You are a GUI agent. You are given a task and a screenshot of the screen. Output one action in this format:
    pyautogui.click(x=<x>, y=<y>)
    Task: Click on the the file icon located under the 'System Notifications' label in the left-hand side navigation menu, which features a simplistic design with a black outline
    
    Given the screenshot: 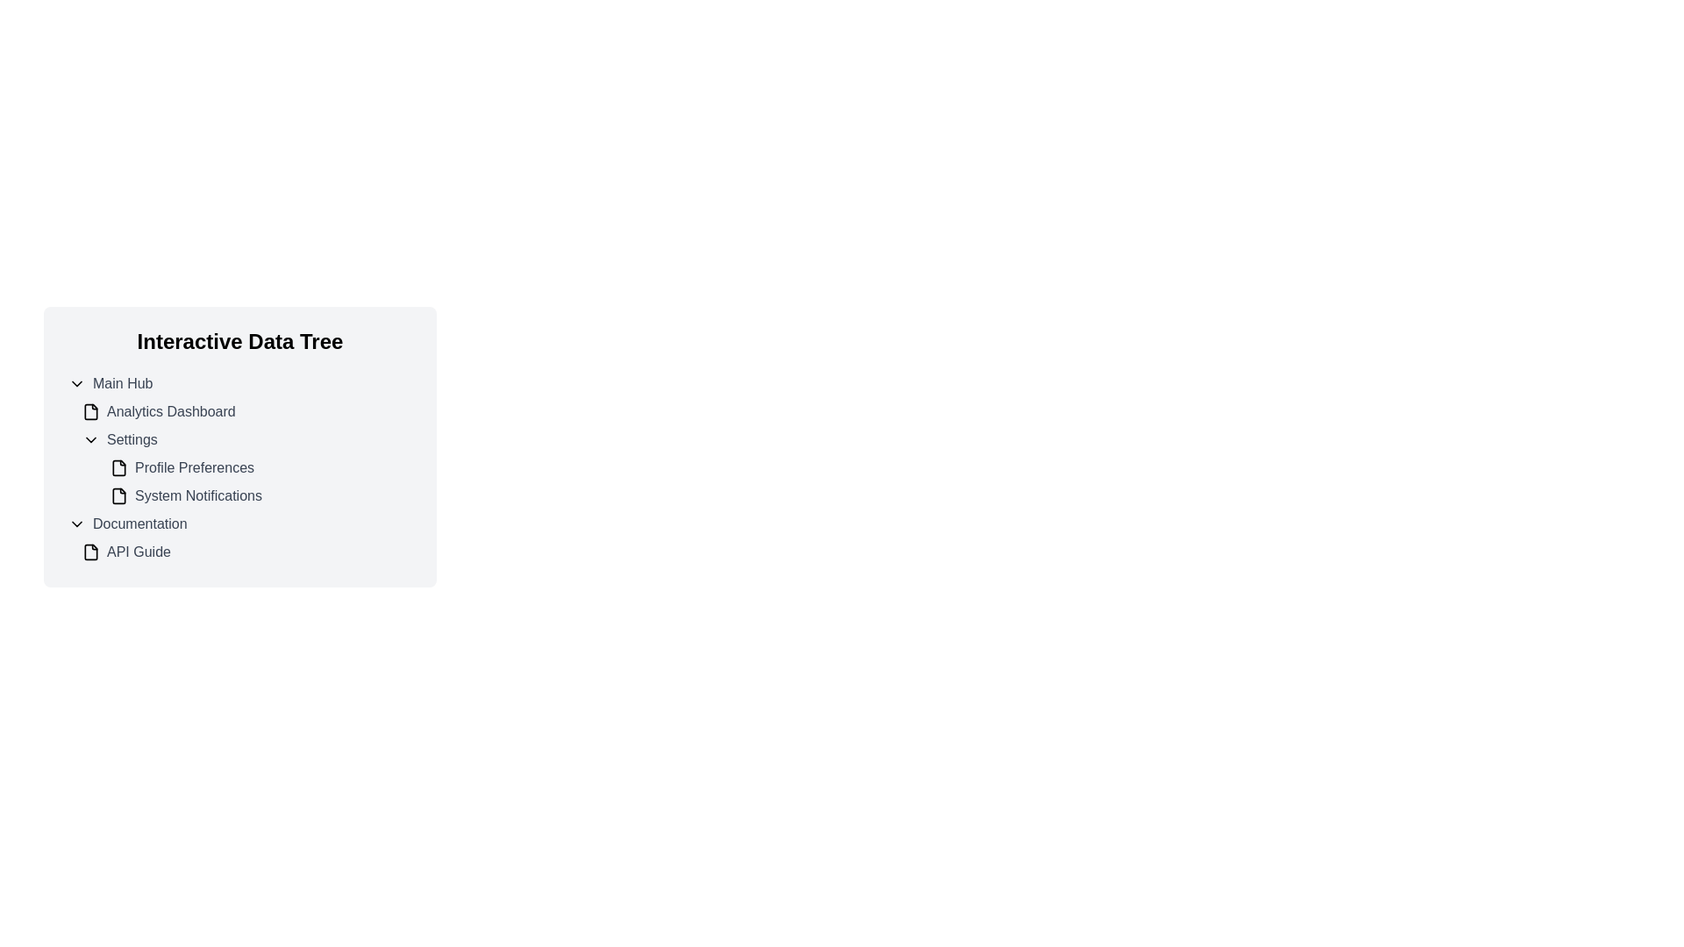 What is the action you would take?
    pyautogui.click(x=118, y=496)
    